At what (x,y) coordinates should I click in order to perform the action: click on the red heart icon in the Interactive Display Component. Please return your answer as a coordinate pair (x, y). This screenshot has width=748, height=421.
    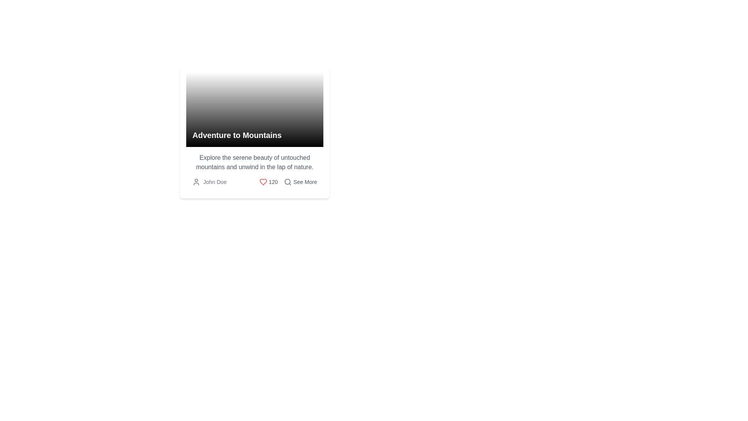
    Looking at the image, I should click on (268, 182).